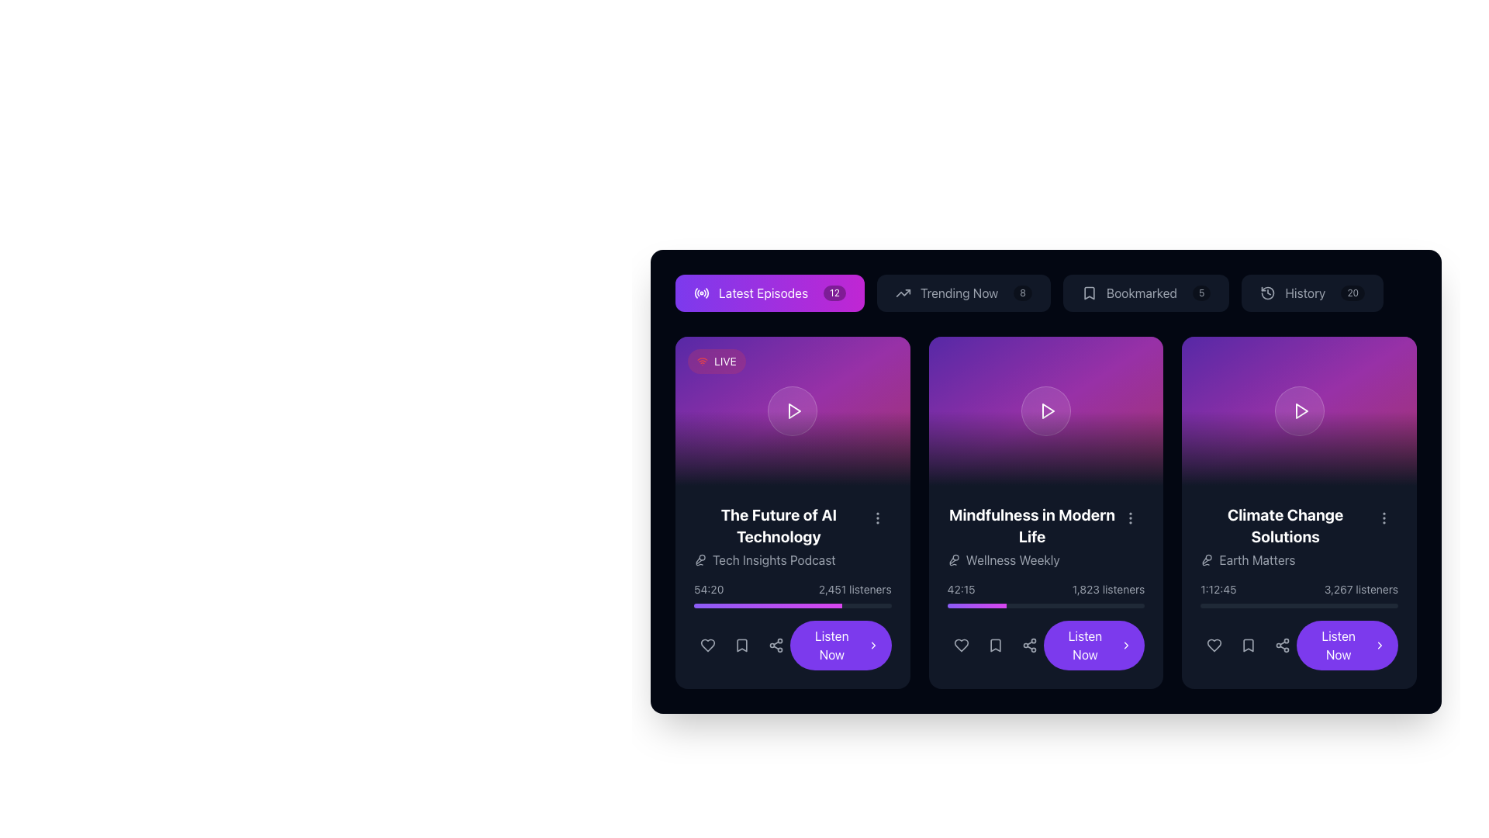 The image size is (1489, 838). What do you see at coordinates (903, 293) in the screenshot?
I see `the 'Trending Now' button that contains the rising arrow icon, which is located at the far left of the button's content` at bounding box center [903, 293].